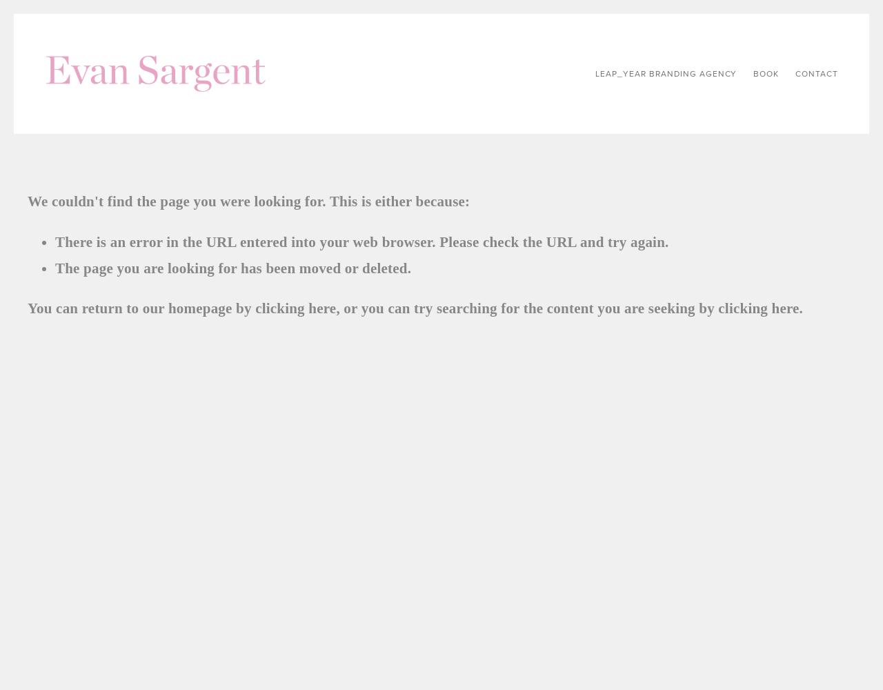 The image size is (883, 690). I want to click on ', or you can try searching for the
  content you are seeking by', so click(526, 308).